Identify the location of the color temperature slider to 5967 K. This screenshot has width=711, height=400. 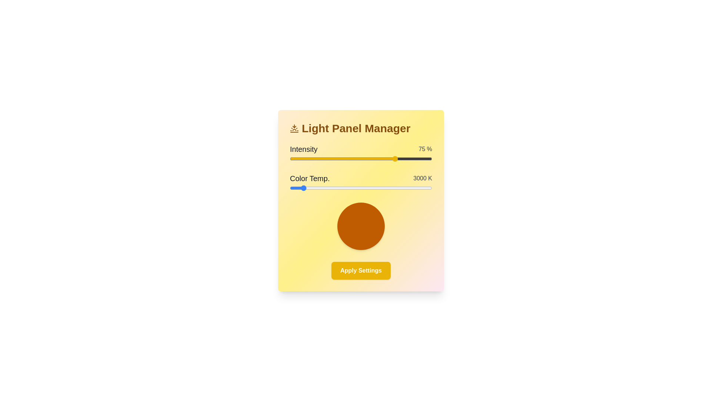
(412, 188).